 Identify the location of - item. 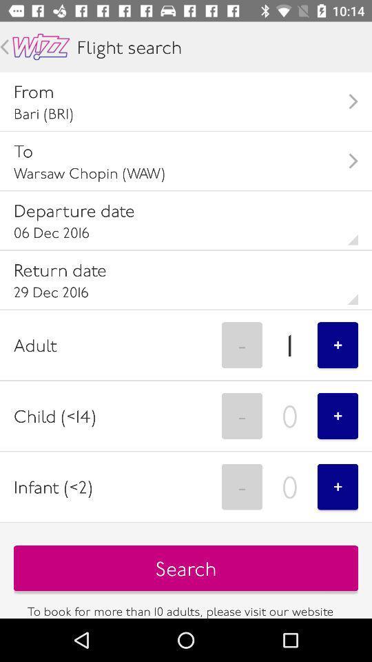
(241, 415).